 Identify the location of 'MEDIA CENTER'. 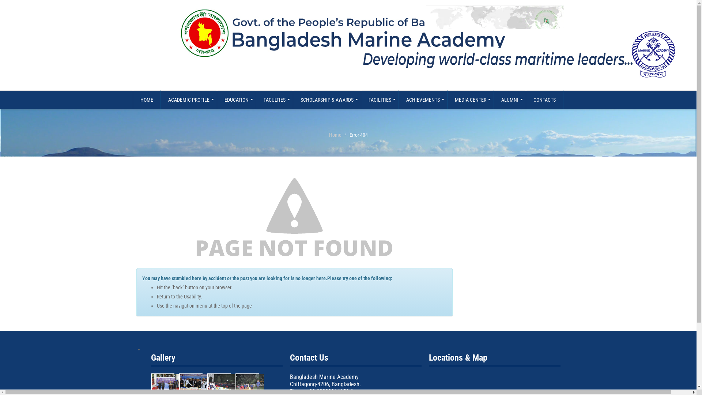
(470, 100).